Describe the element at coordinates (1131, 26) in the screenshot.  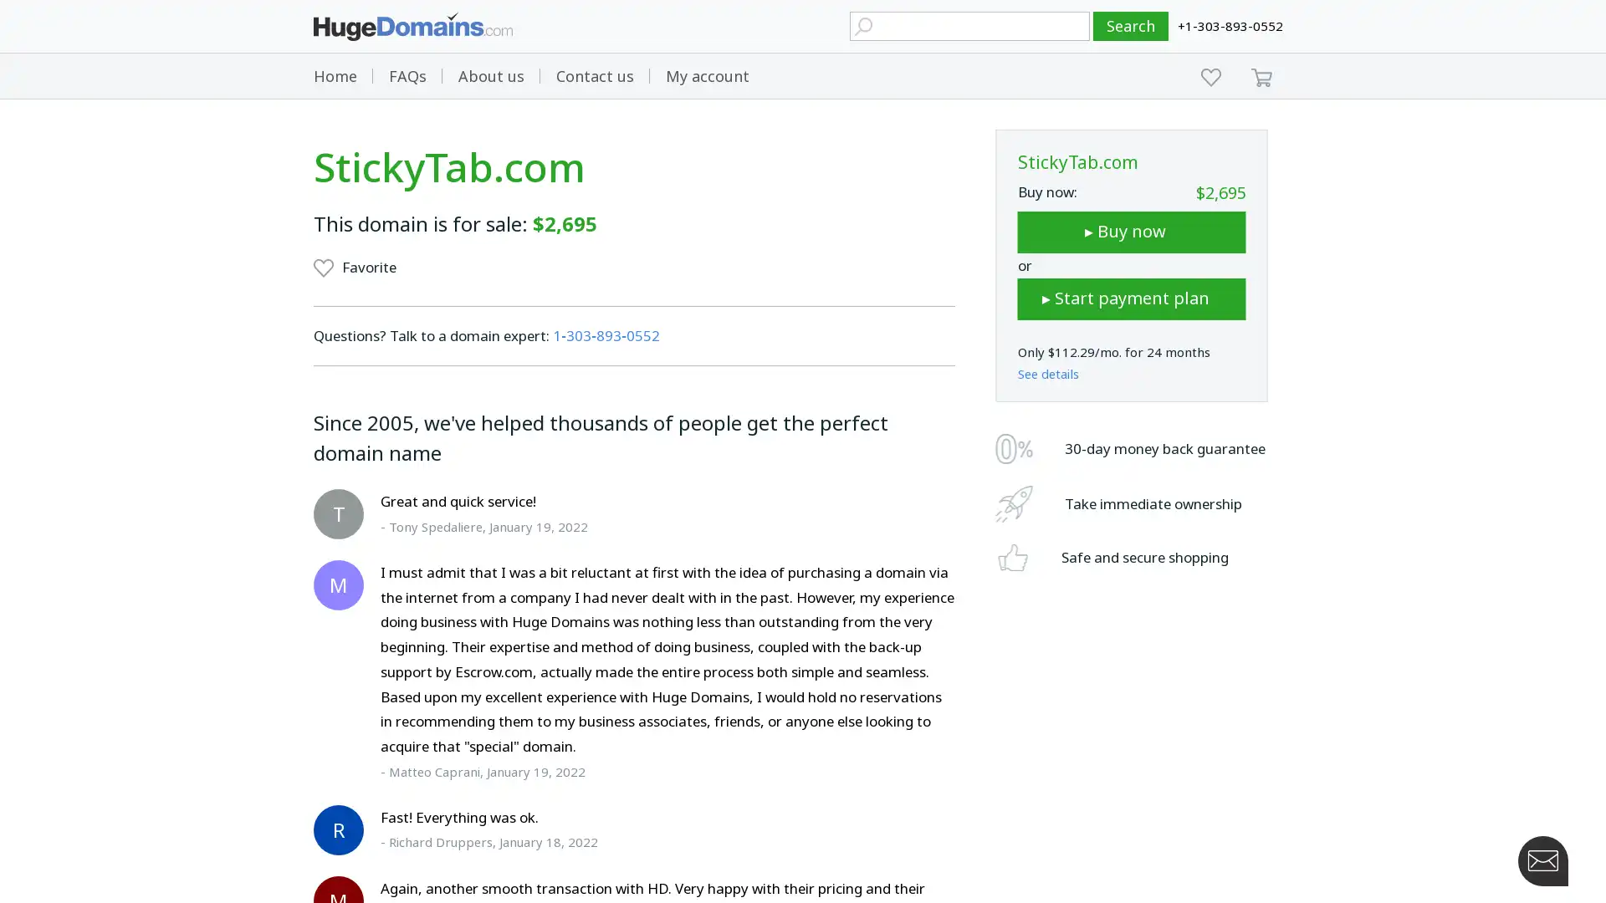
I see `Search` at that location.